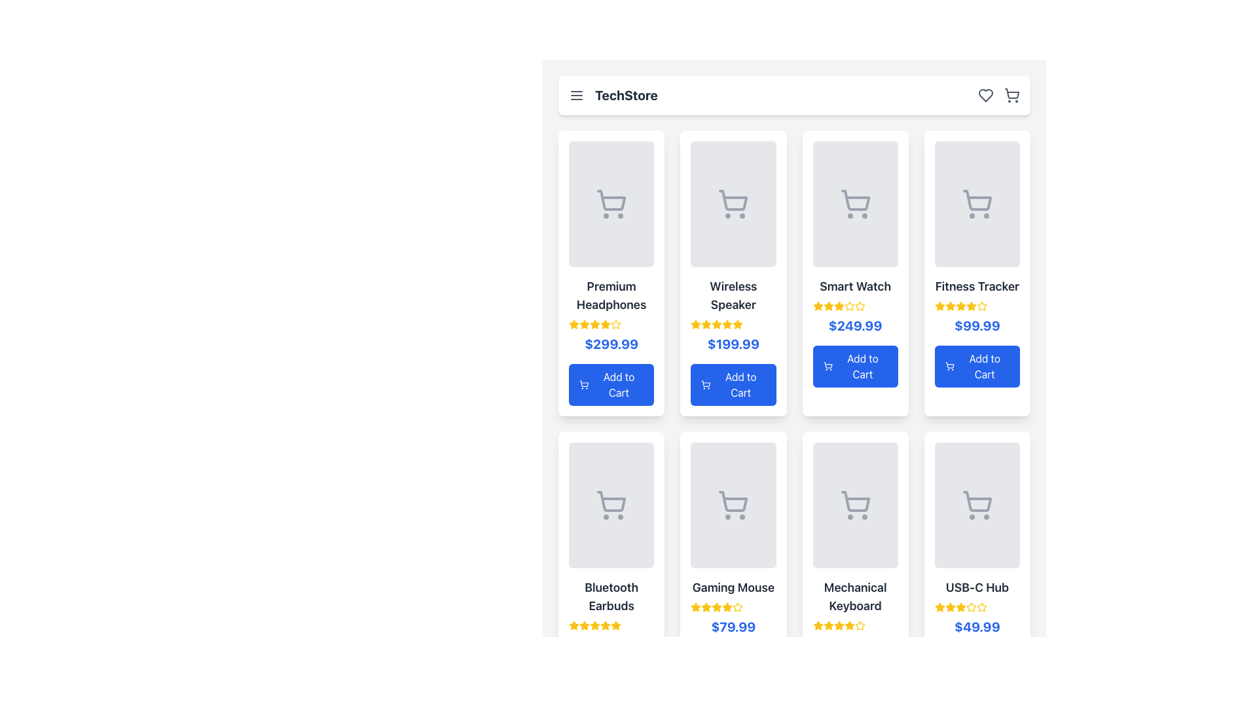  What do you see at coordinates (827, 365) in the screenshot?
I see `the shopping cart icon located in the middle row of the 'Smart Watch' product card's Add to Cart button area` at bounding box center [827, 365].